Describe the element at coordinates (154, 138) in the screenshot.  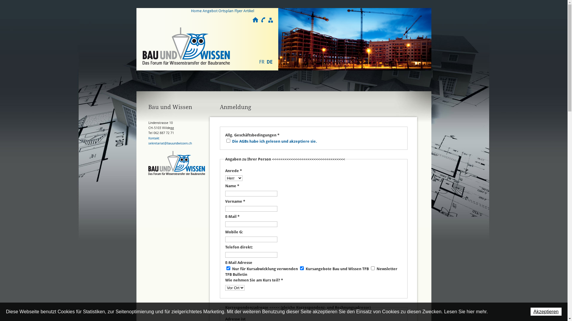
I see `'Kontakt'` at that location.